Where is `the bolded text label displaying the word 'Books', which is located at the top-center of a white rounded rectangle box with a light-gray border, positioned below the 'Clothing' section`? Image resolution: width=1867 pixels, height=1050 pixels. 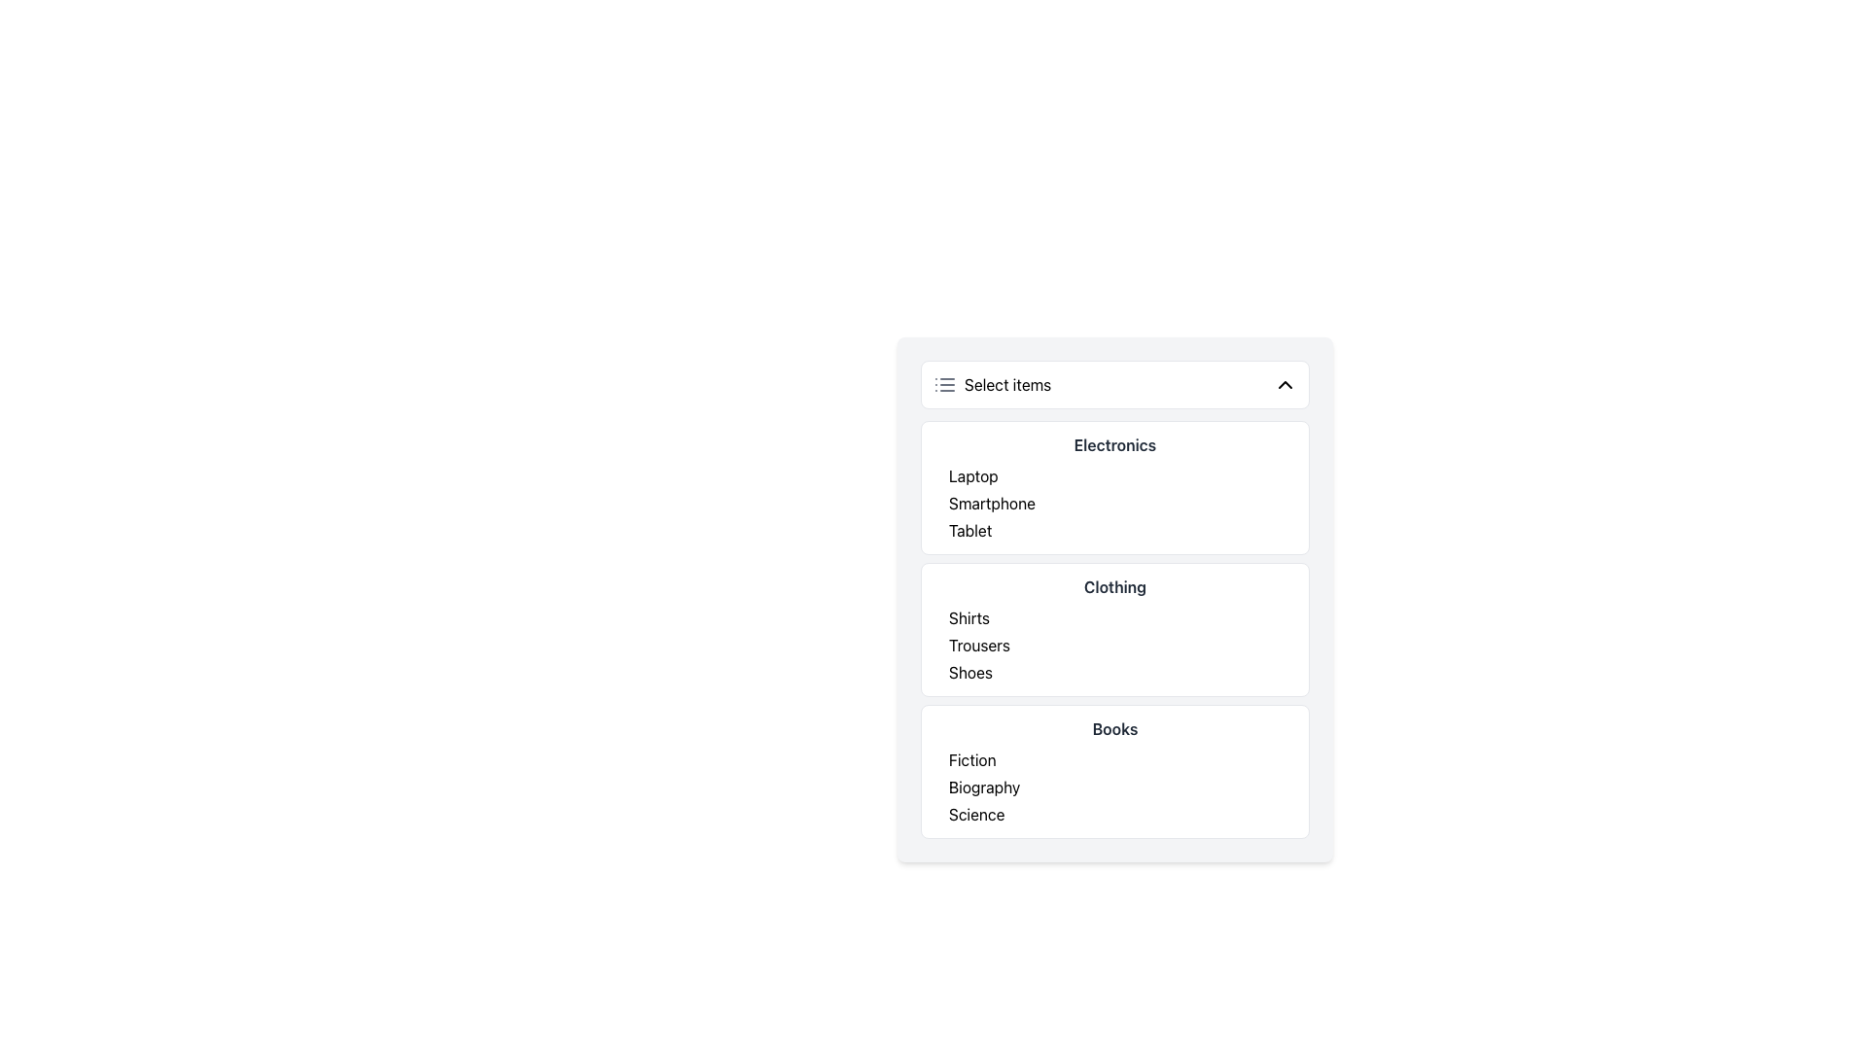
the bolded text label displaying the word 'Books', which is located at the top-center of a white rounded rectangle box with a light-gray border, positioned below the 'Clothing' section is located at coordinates (1115, 728).